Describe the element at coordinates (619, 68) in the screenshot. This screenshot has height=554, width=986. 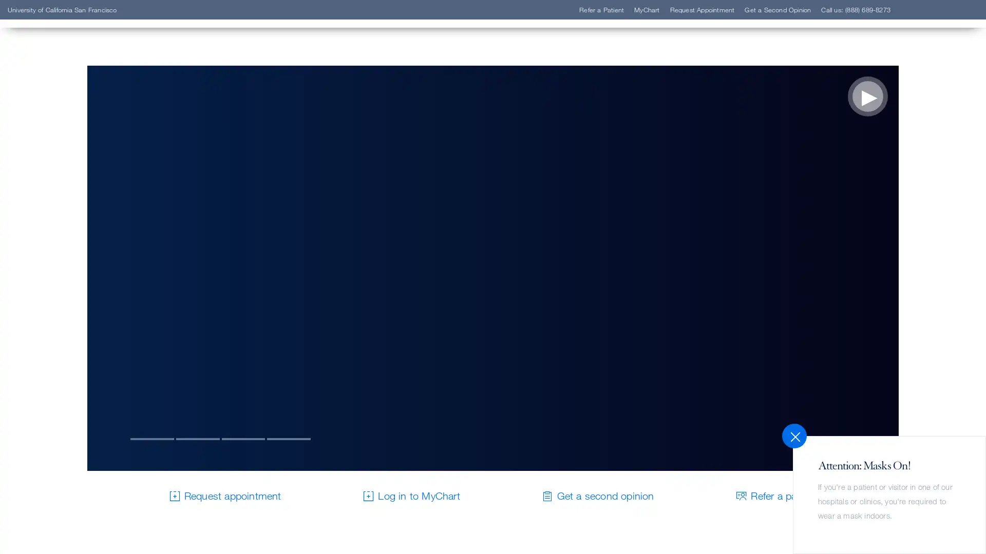
I see `search` at that location.